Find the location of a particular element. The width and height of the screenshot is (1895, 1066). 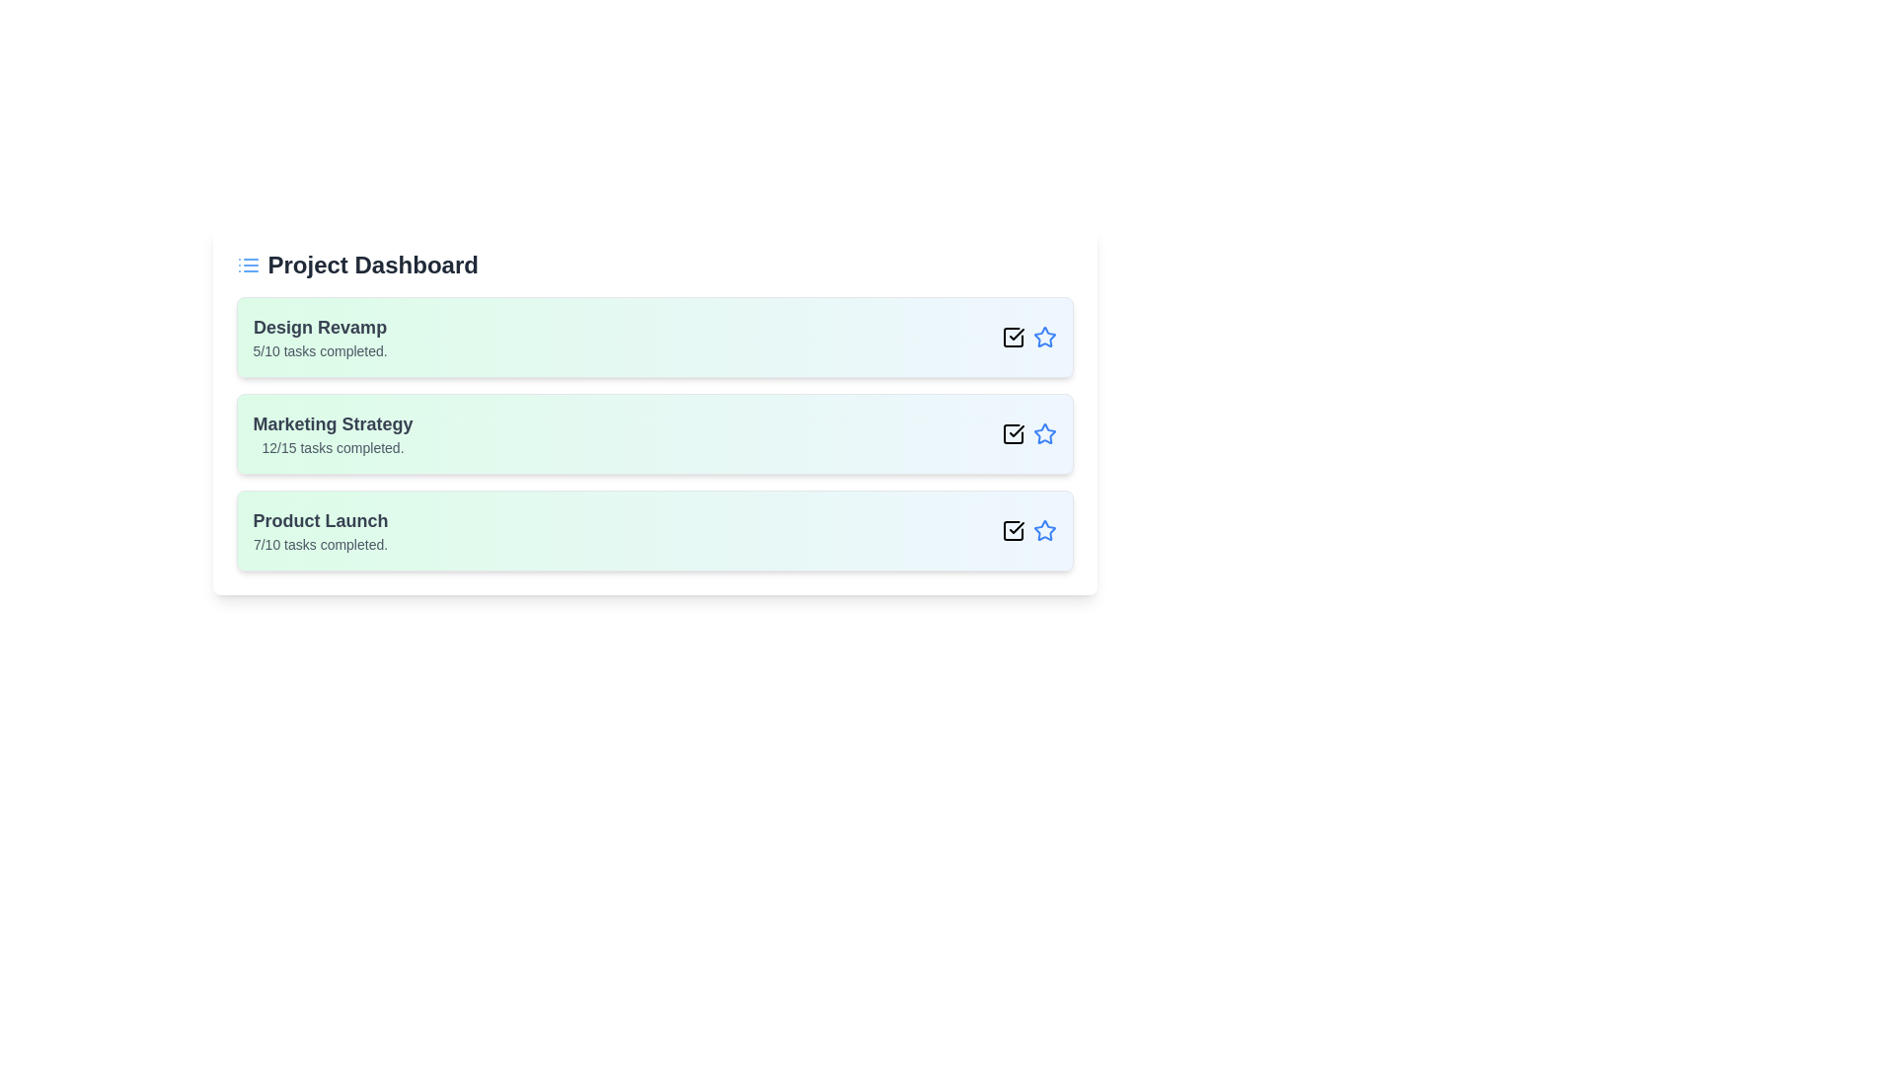

the title icon to trigger a tooltip or visual feedback is located at coordinates (247, 265).